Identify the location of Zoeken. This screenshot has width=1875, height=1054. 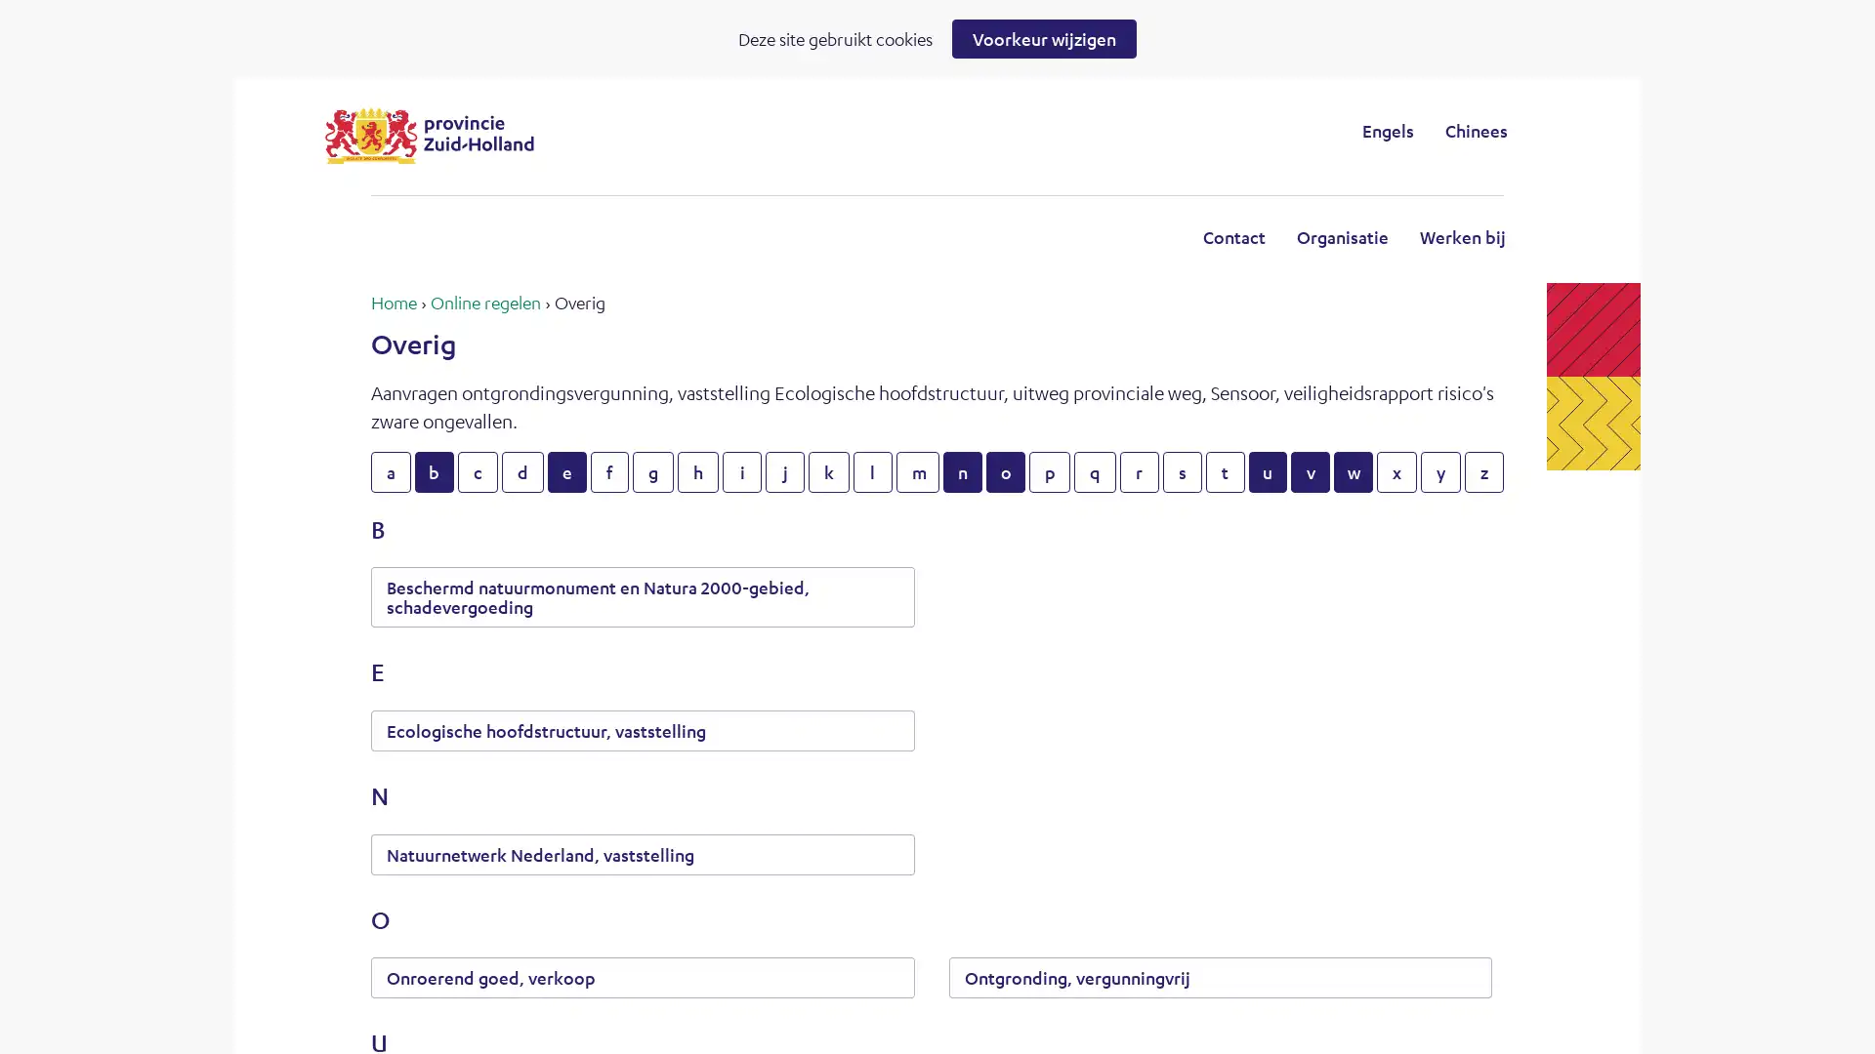
(1098, 130).